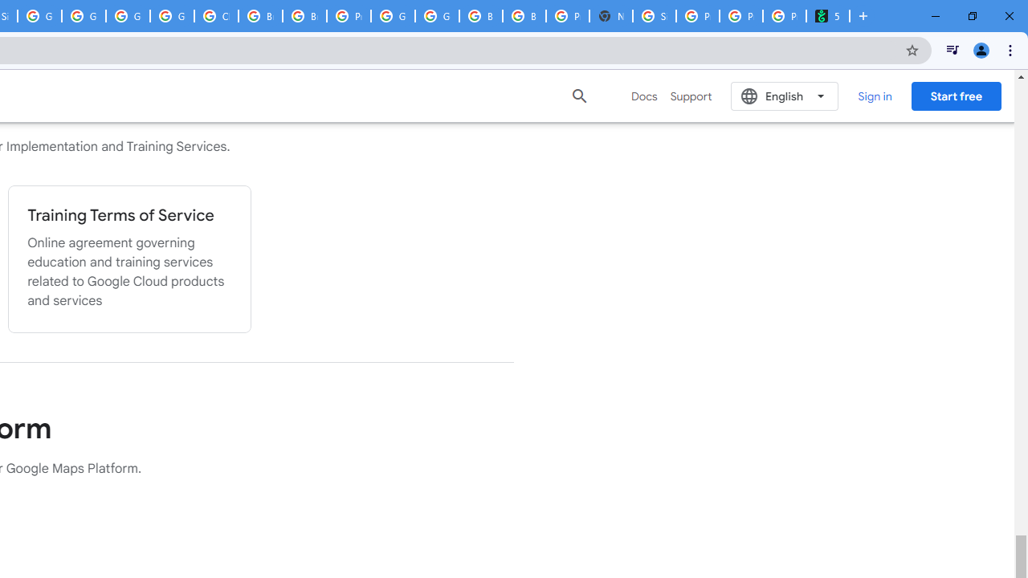  Describe the element at coordinates (655, 16) in the screenshot. I see `'Sign in - Google Accounts'` at that location.